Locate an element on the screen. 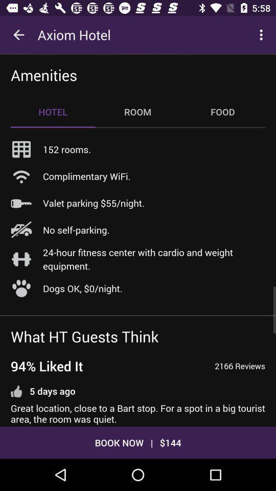  the icon above the no self-parking. is located at coordinates (94, 203).